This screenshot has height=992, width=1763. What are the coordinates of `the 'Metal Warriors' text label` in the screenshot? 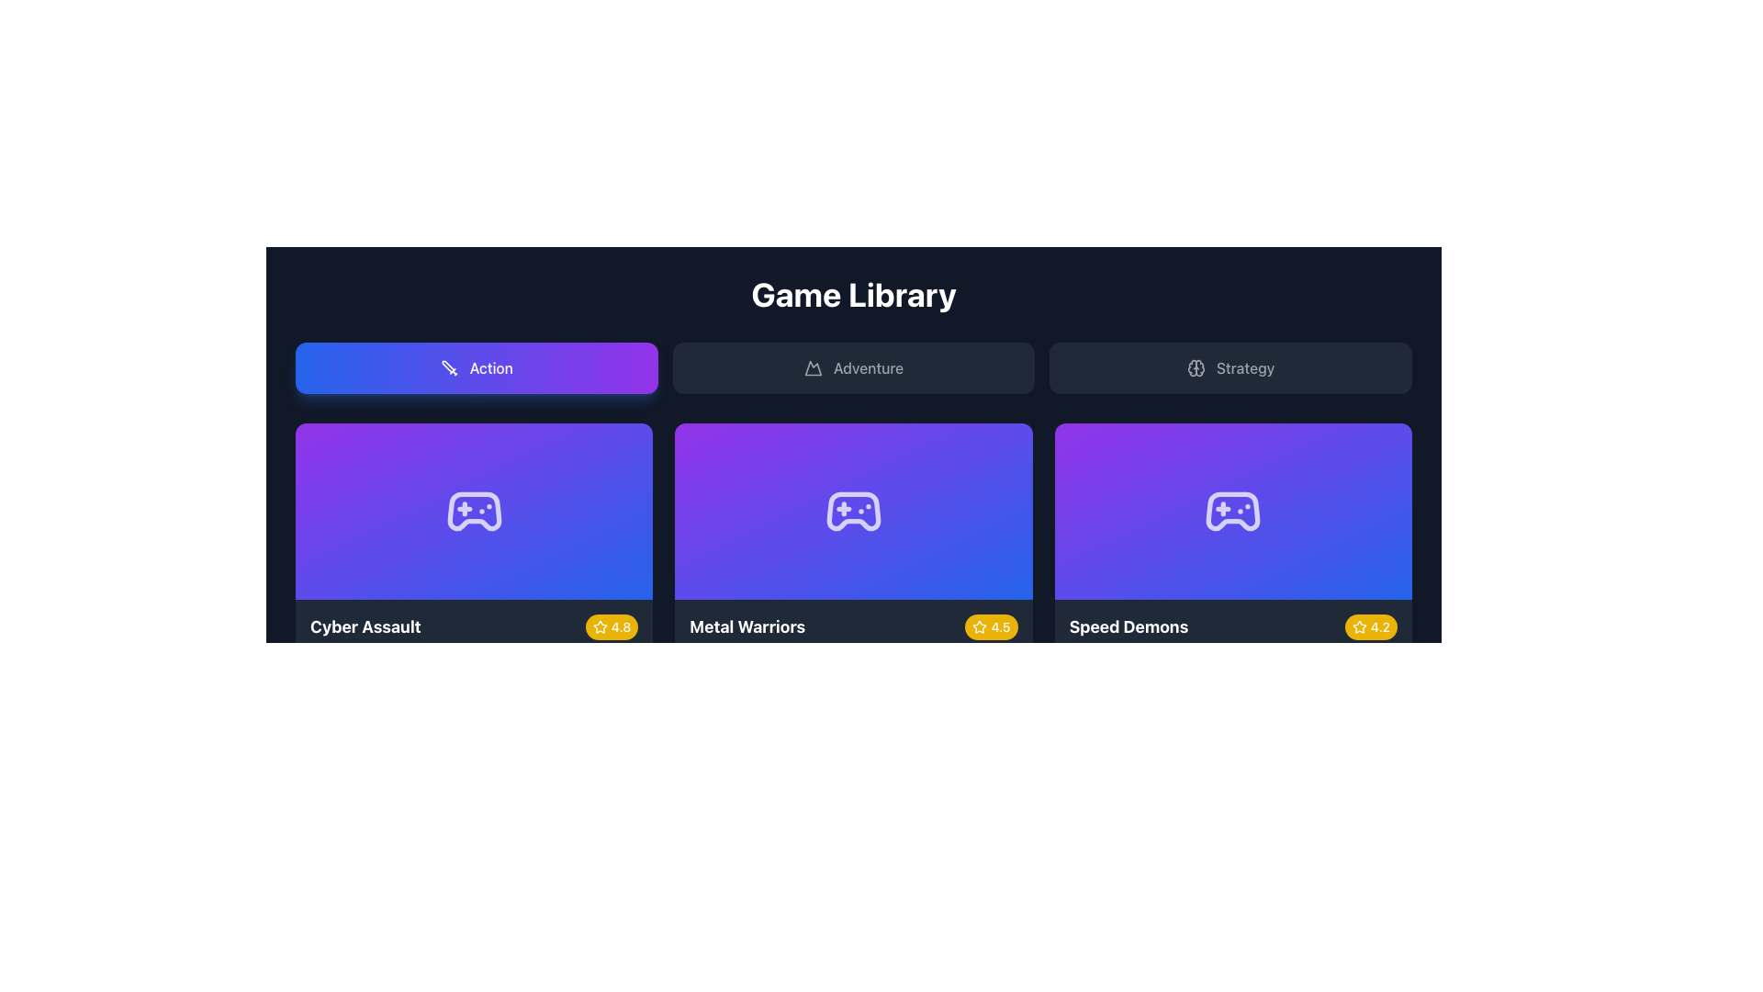 It's located at (747, 626).